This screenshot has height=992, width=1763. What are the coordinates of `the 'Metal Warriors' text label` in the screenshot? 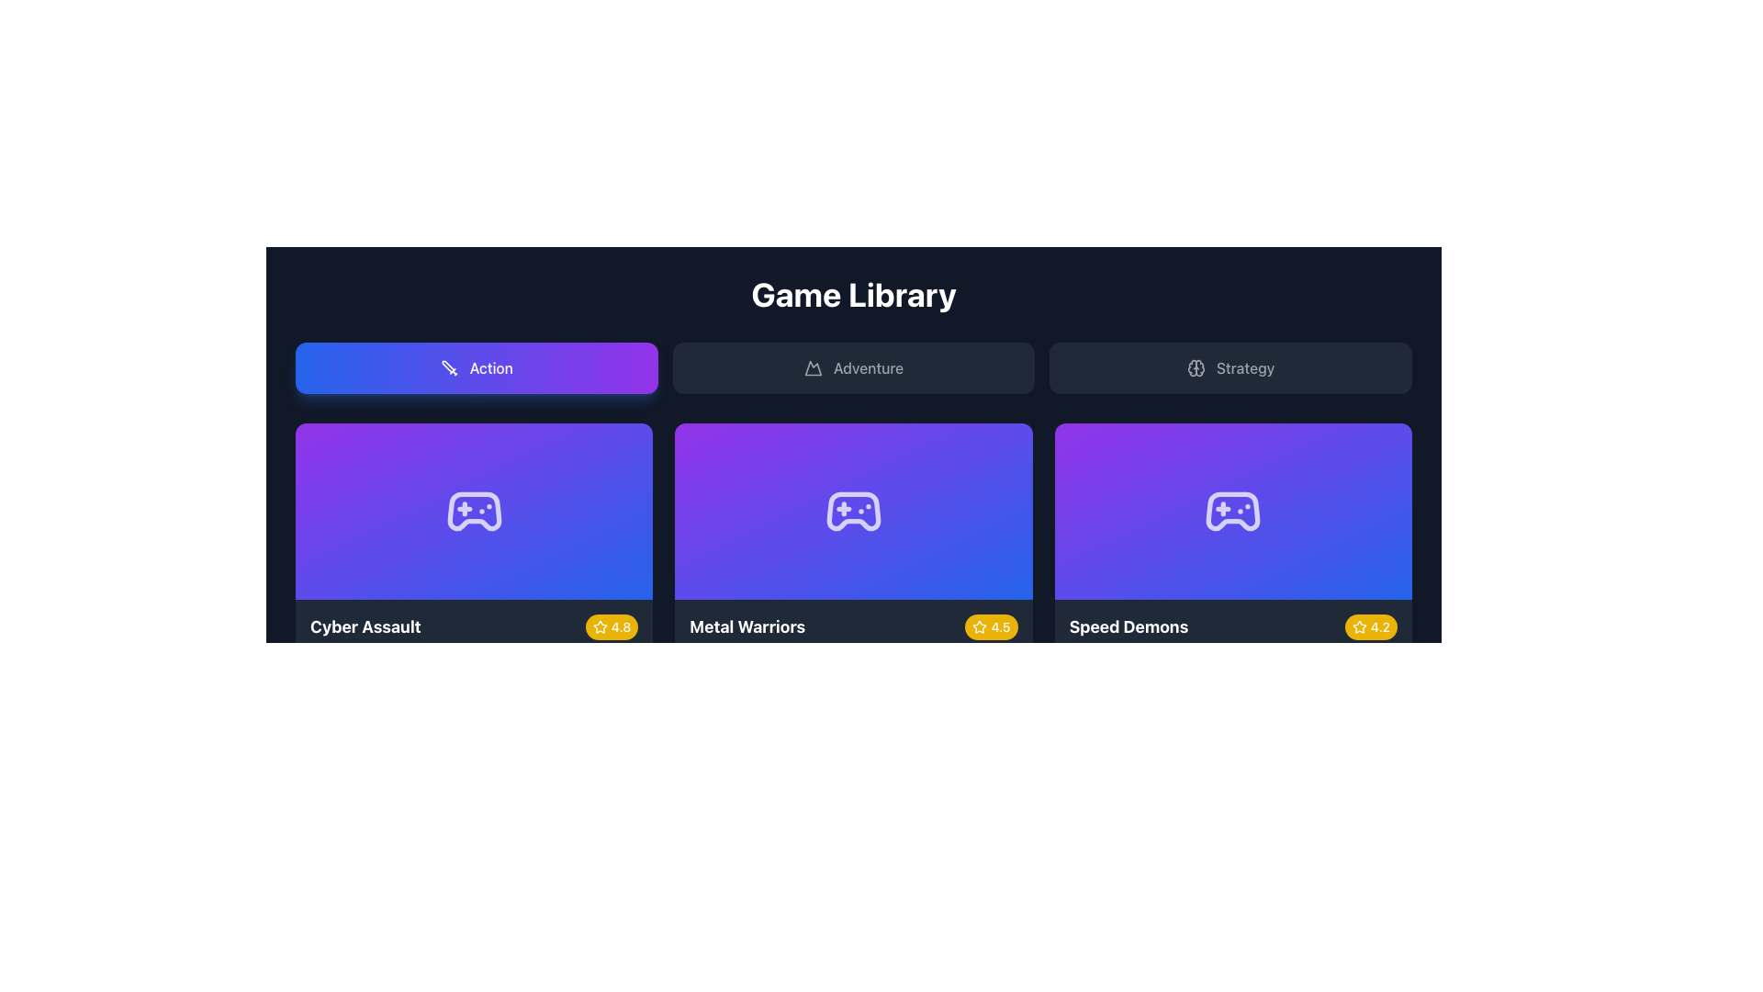 It's located at (747, 626).